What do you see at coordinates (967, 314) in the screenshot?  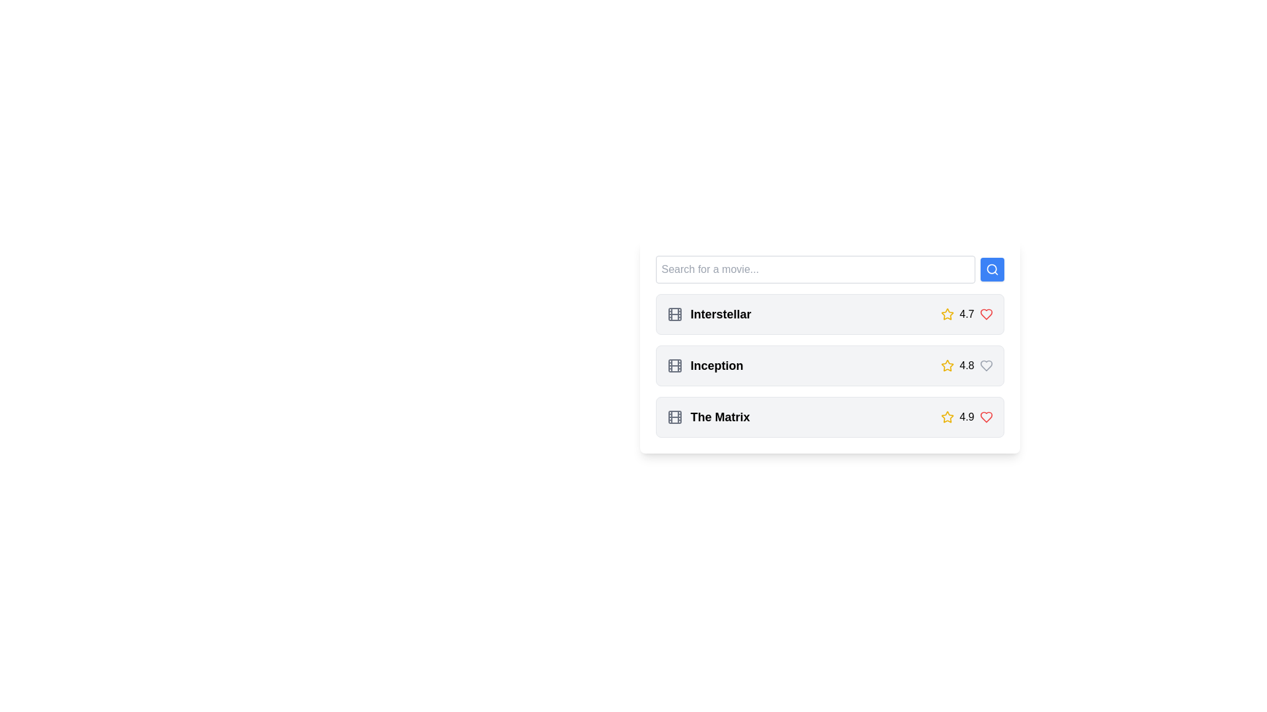 I see `the Text label displaying the rating score for the movie 'Interstellar'` at bounding box center [967, 314].